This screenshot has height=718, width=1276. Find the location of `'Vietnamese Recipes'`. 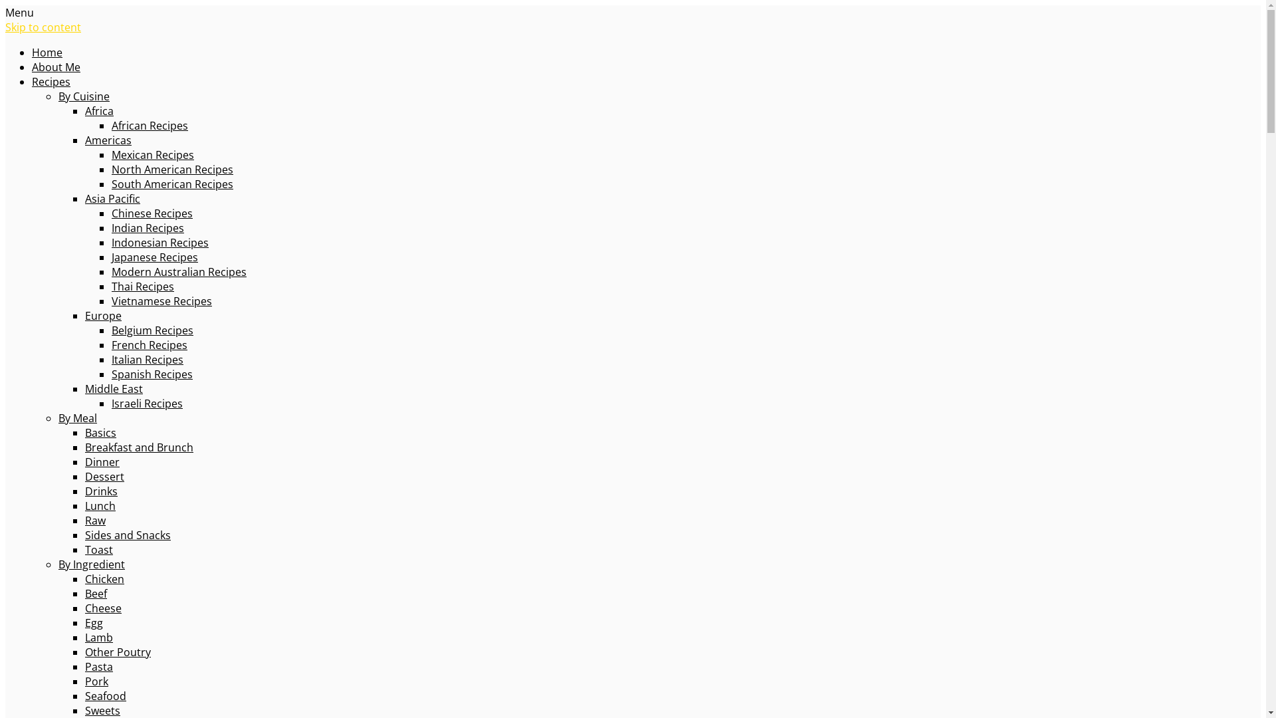

'Vietnamese Recipes' is located at coordinates (112, 300).